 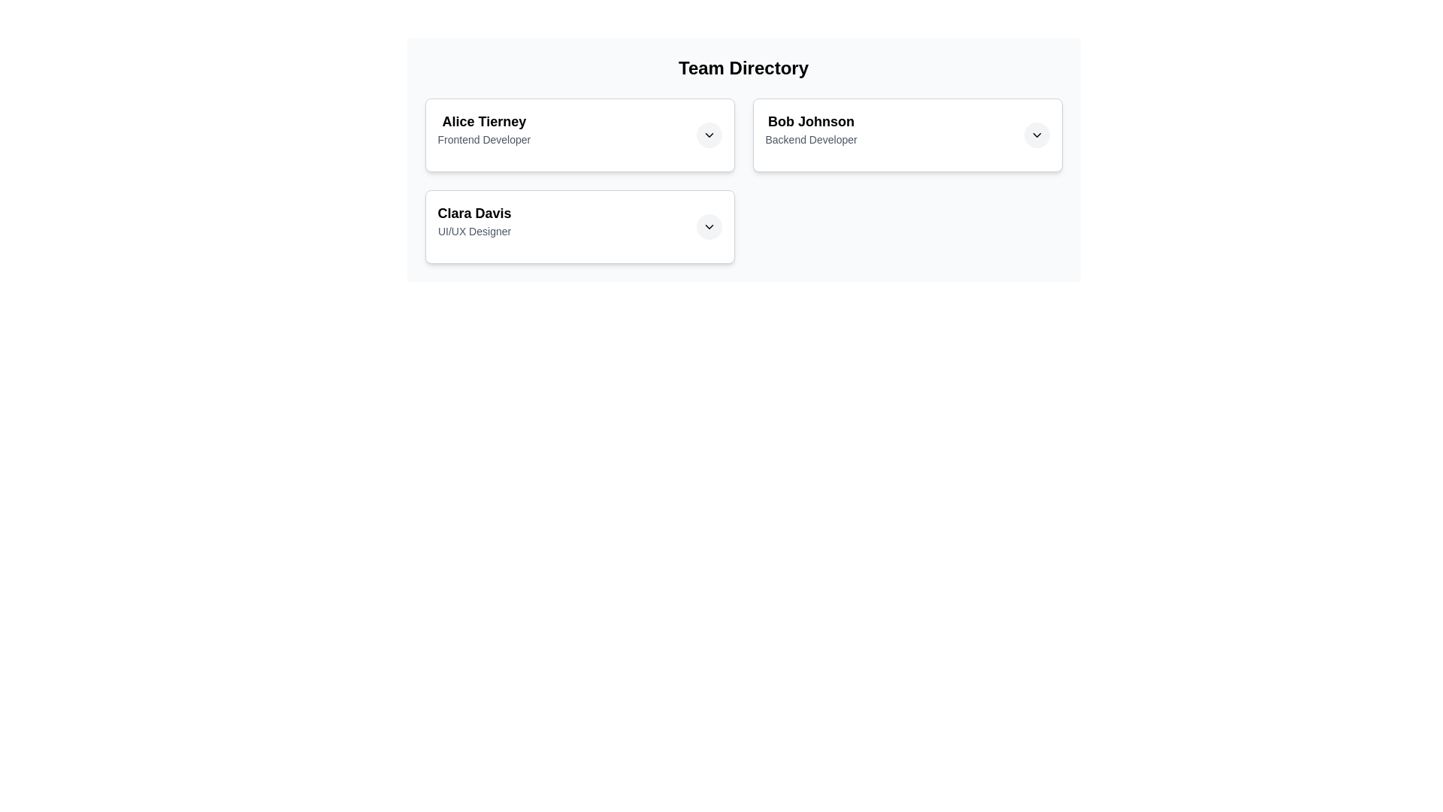 I want to click on the Dropdown indicator icon located in the top-right corner of the card containing 'Bob Johnson' and the title 'Backend Developer', so click(x=1036, y=135).